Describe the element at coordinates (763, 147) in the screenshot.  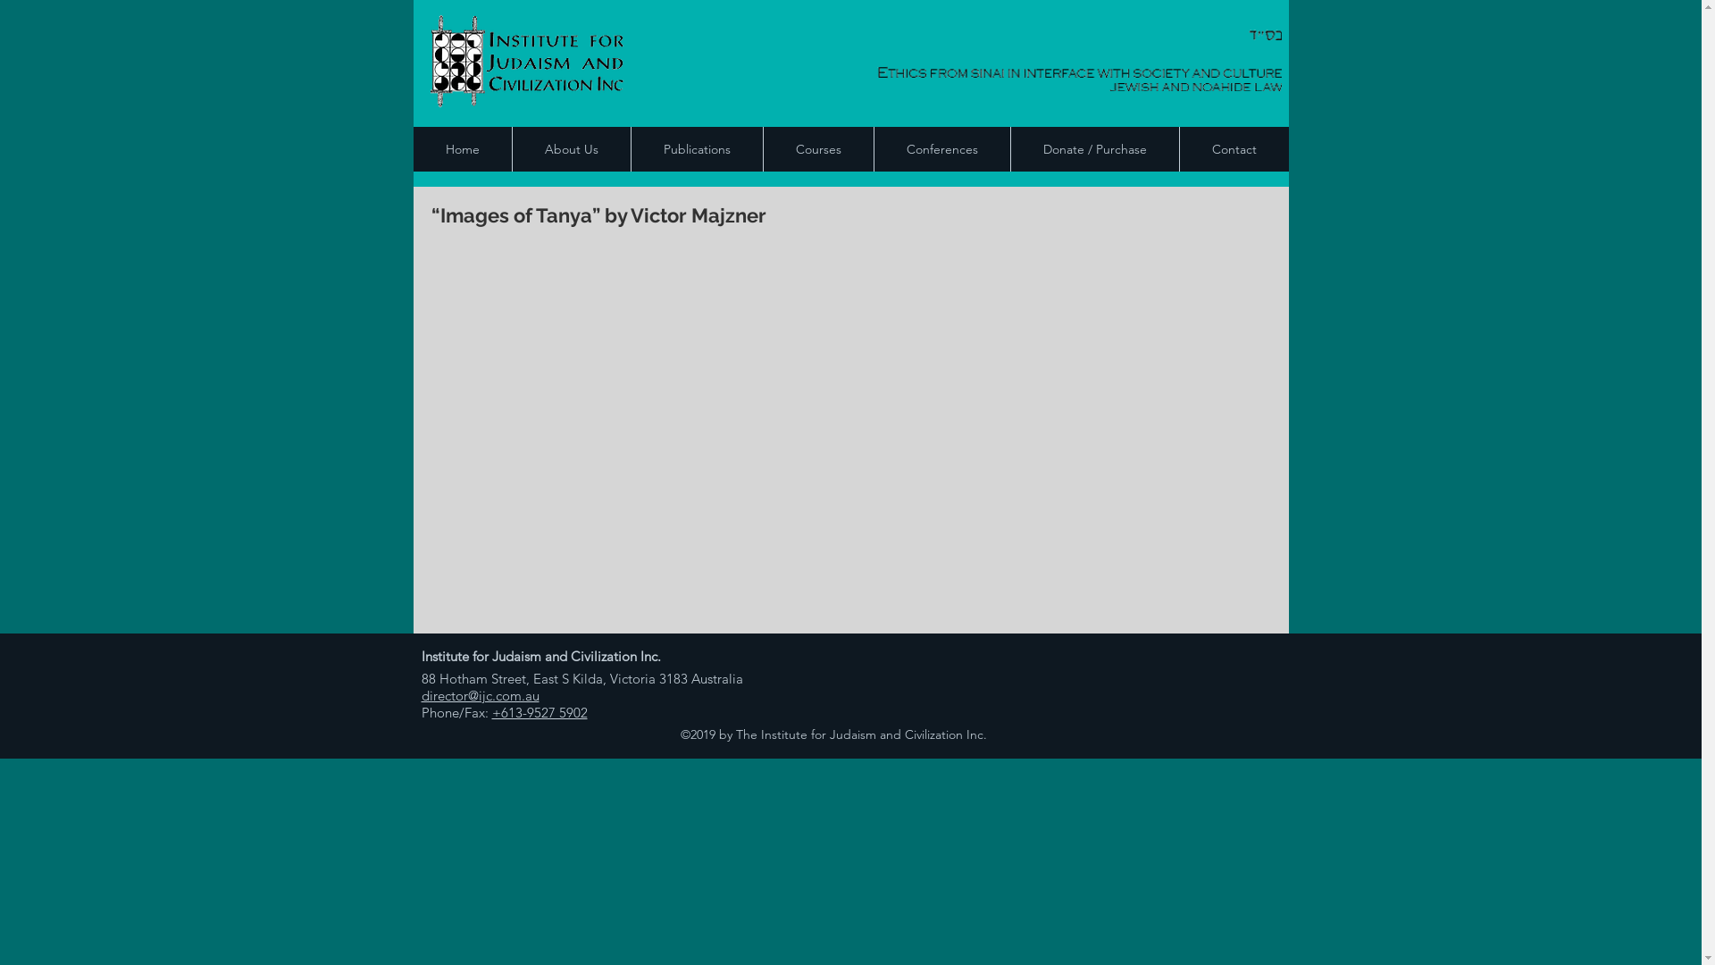
I see `'Courses'` at that location.